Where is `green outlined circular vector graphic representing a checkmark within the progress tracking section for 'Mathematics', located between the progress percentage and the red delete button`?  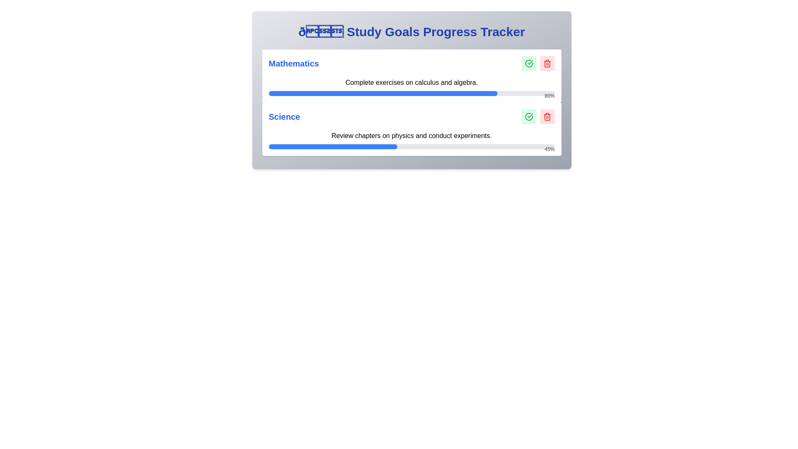 green outlined circular vector graphic representing a checkmark within the progress tracking section for 'Mathematics', located between the progress percentage and the red delete button is located at coordinates (528, 63).